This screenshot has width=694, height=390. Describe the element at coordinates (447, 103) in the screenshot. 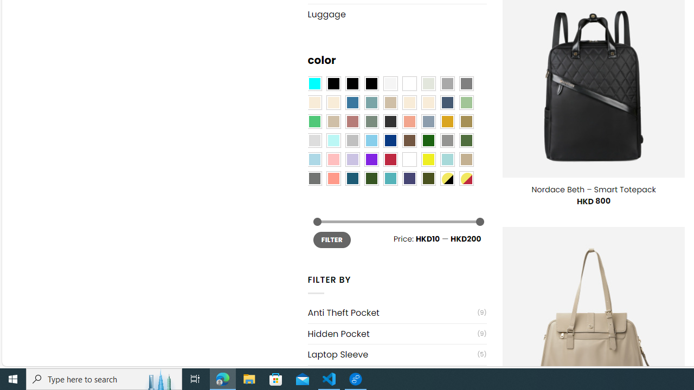

I see `'Hale Navy'` at that location.